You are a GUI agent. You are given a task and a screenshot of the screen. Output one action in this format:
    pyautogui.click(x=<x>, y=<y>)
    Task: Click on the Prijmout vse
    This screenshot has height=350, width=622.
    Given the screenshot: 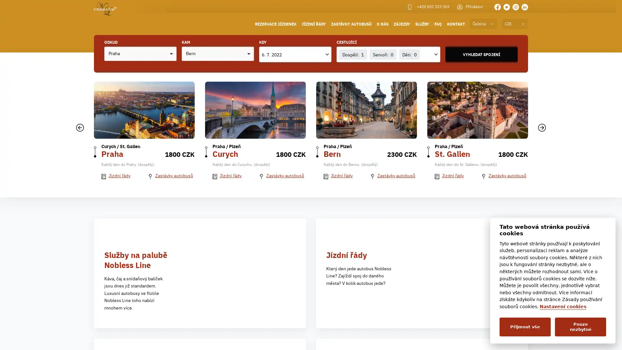 What is the action you would take?
    pyautogui.click(x=525, y=326)
    